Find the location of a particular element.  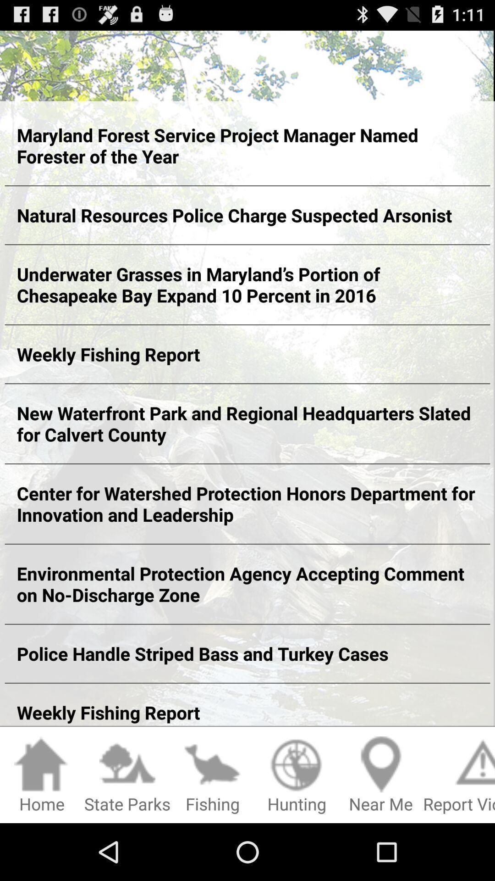

the app below the weekly fishing report item is located at coordinates (42, 775).